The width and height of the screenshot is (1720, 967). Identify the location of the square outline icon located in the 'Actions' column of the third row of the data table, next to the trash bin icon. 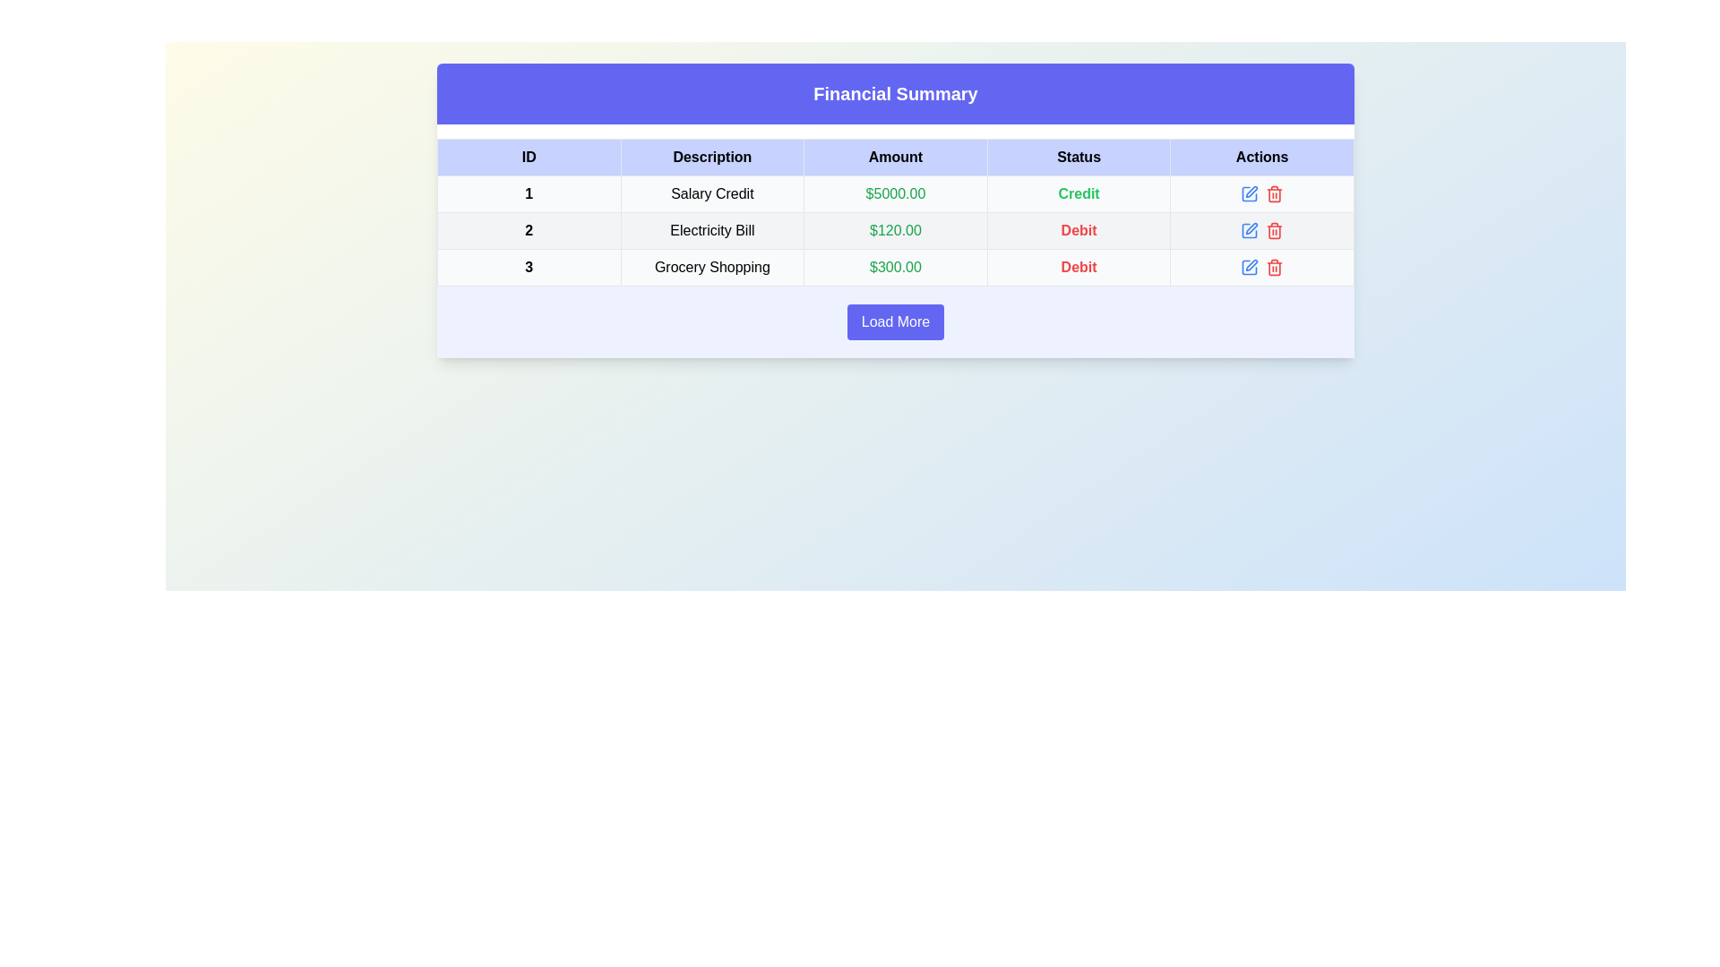
(1249, 268).